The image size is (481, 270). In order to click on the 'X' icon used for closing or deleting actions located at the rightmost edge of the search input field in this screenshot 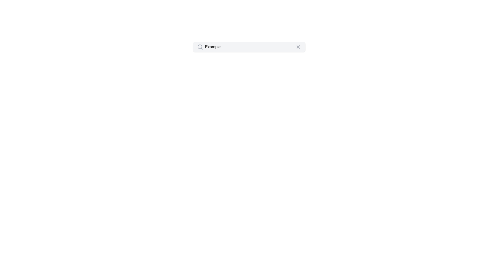, I will do `click(298, 47)`.